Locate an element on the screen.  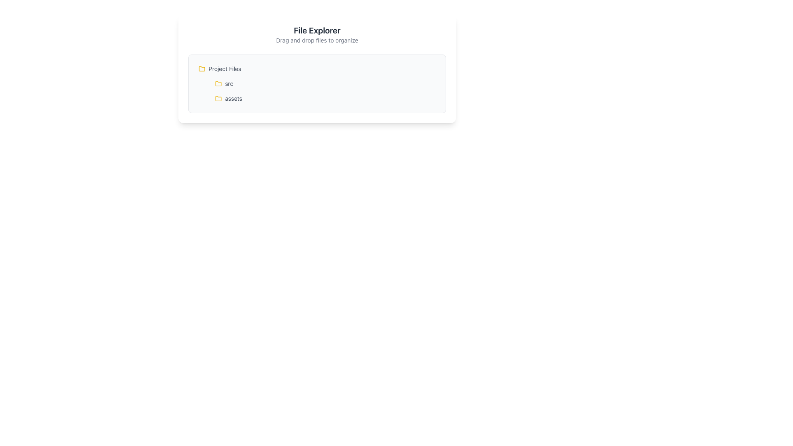
the 'plus' icon button in the top-right corner of the 'File Explorer' card is located at coordinates (422, 68).